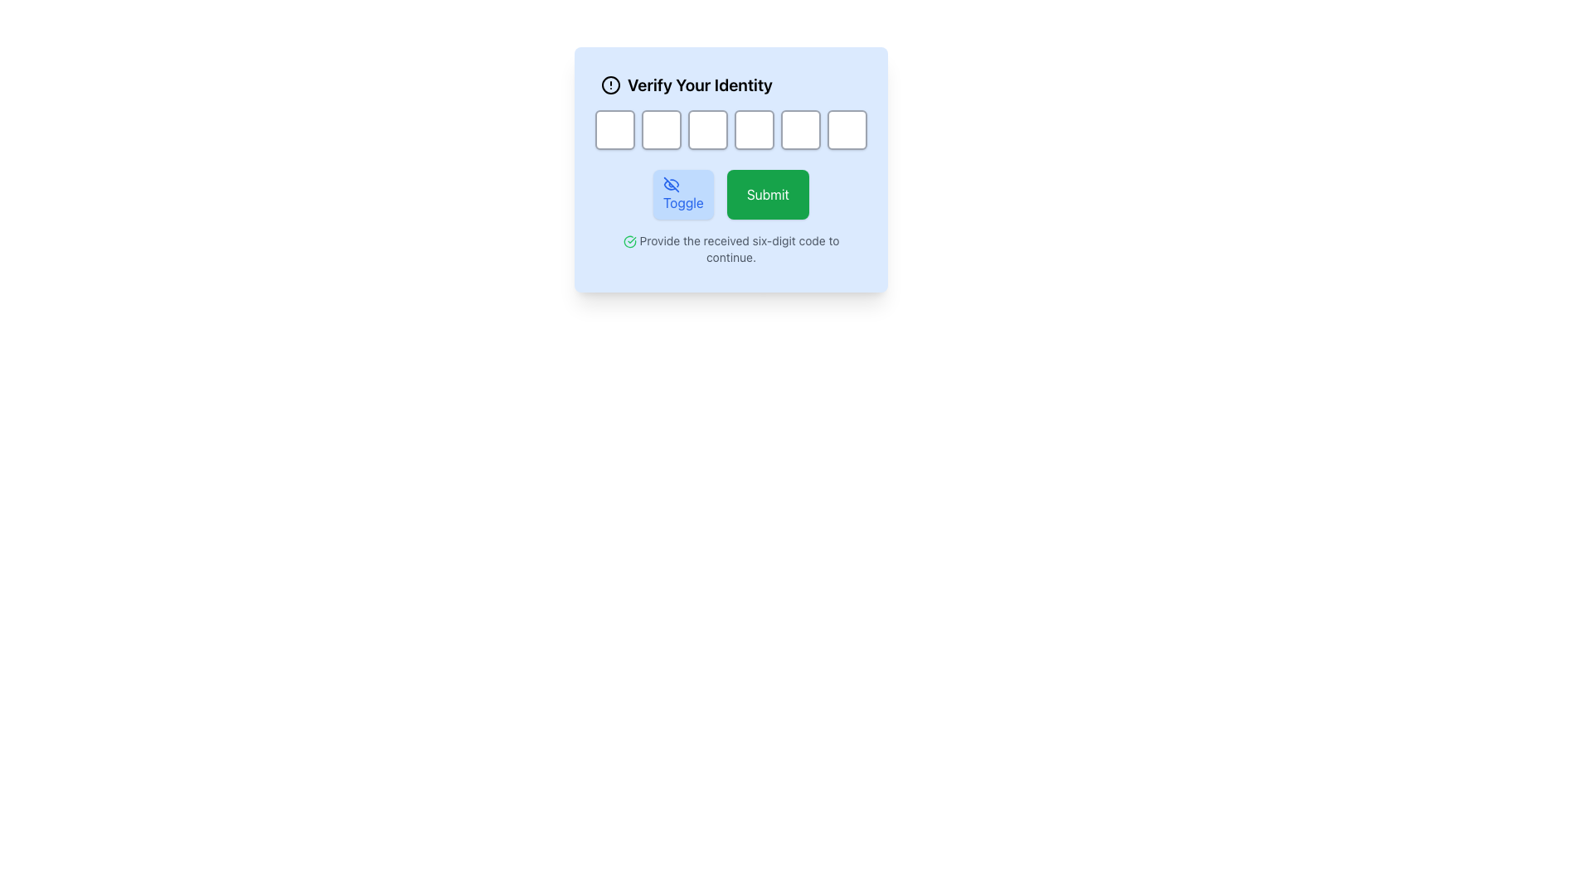  Describe the element at coordinates (683, 194) in the screenshot. I see `the toggle button located next to the green 'Submit' button` at that location.